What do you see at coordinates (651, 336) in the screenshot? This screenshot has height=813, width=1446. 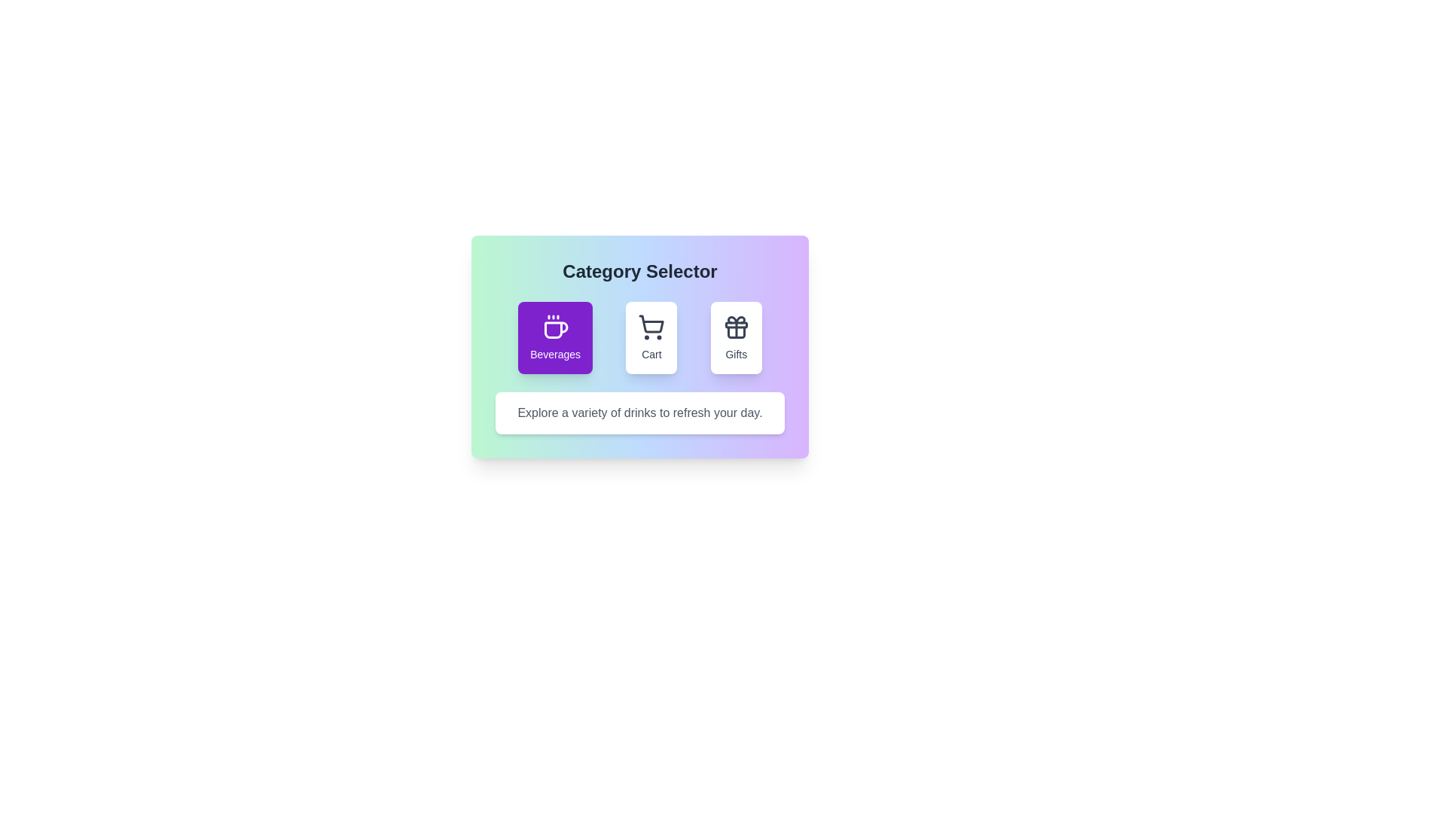 I see `the category button corresponding to Cart to view its icon` at bounding box center [651, 336].